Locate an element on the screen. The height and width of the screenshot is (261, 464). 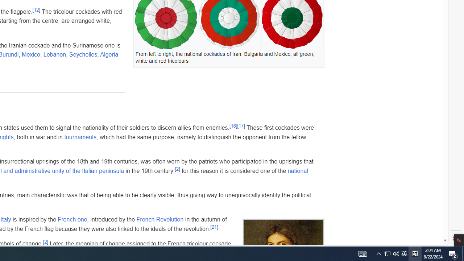
'Mexico' is located at coordinates (30, 54).